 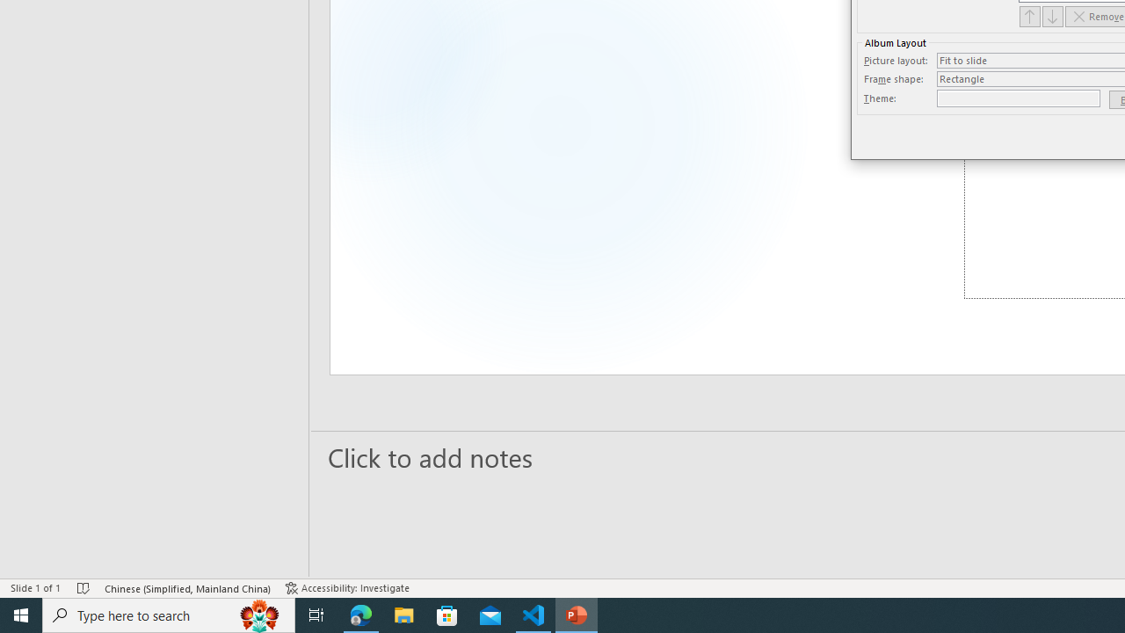 What do you see at coordinates (403, 614) in the screenshot?
I see `'File Explorer'` at bounding box center [403, 614].